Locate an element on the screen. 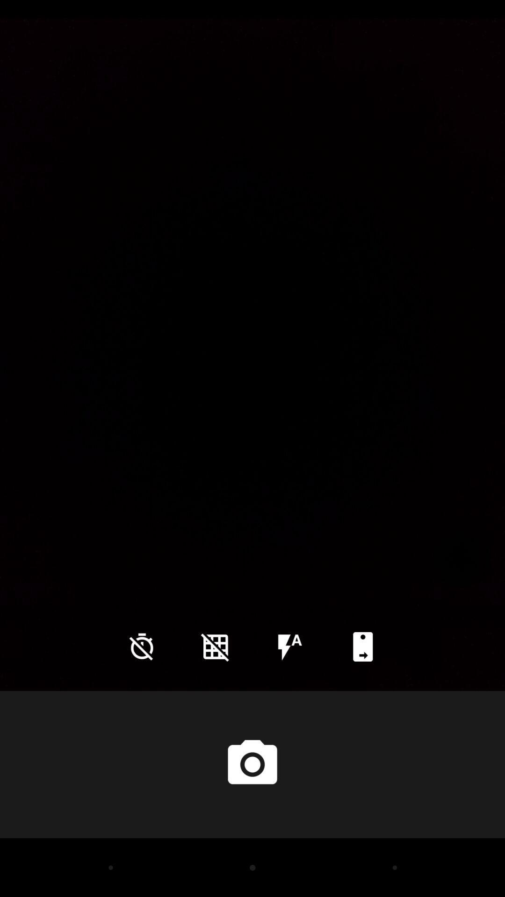 This screenshot has width=505, height=897. item at the bottom left corner is located at coordinates (142, 646).